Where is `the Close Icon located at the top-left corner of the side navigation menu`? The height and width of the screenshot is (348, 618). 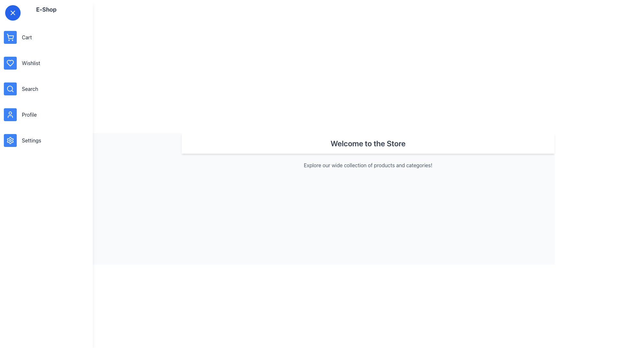
the Close Icon located at the top-left corner of the side navigation menu is located at coordinates (13, 13).